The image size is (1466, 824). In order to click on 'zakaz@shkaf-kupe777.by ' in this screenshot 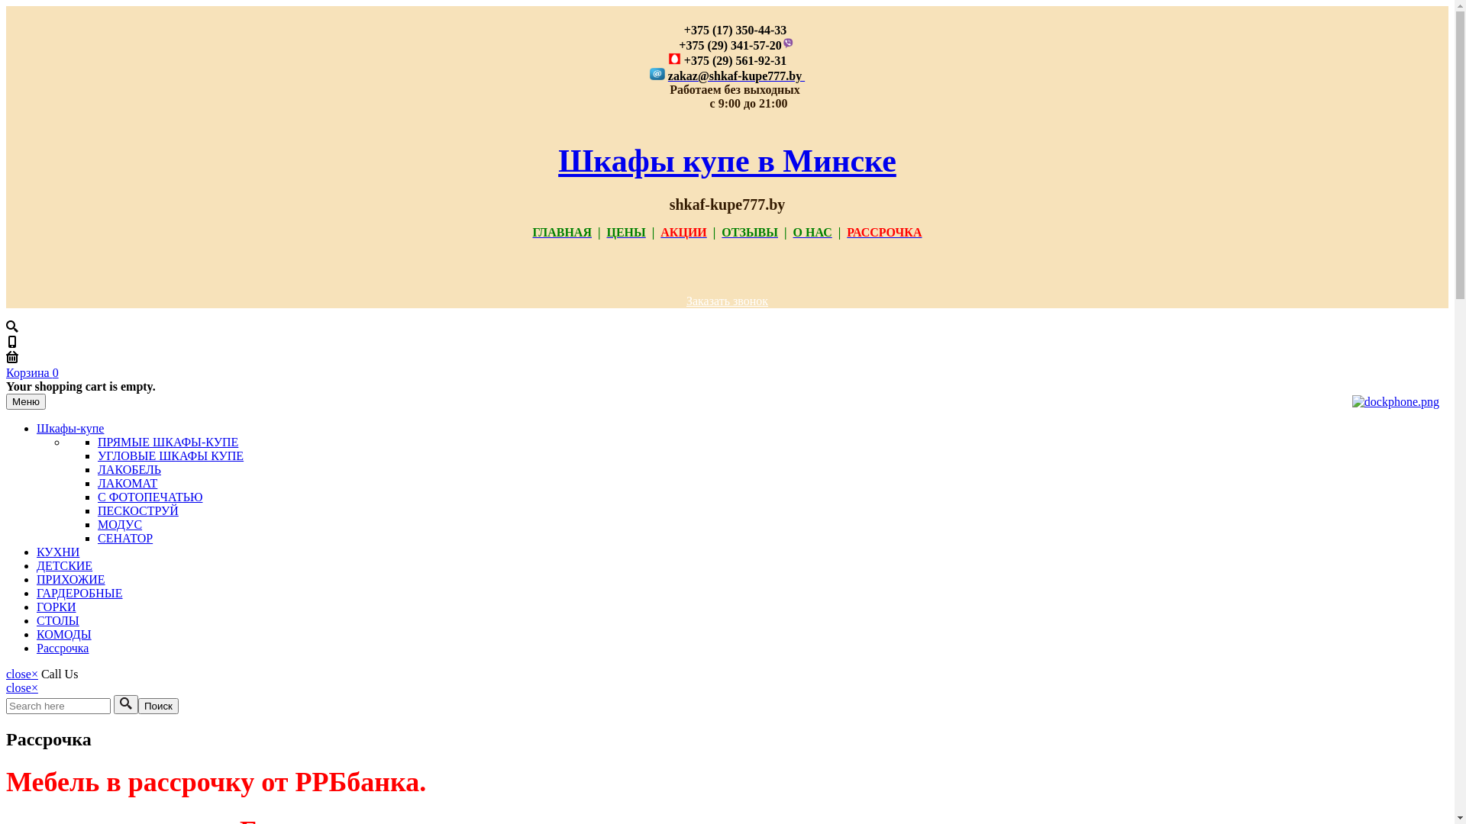, I will do `click(736, 76)`.